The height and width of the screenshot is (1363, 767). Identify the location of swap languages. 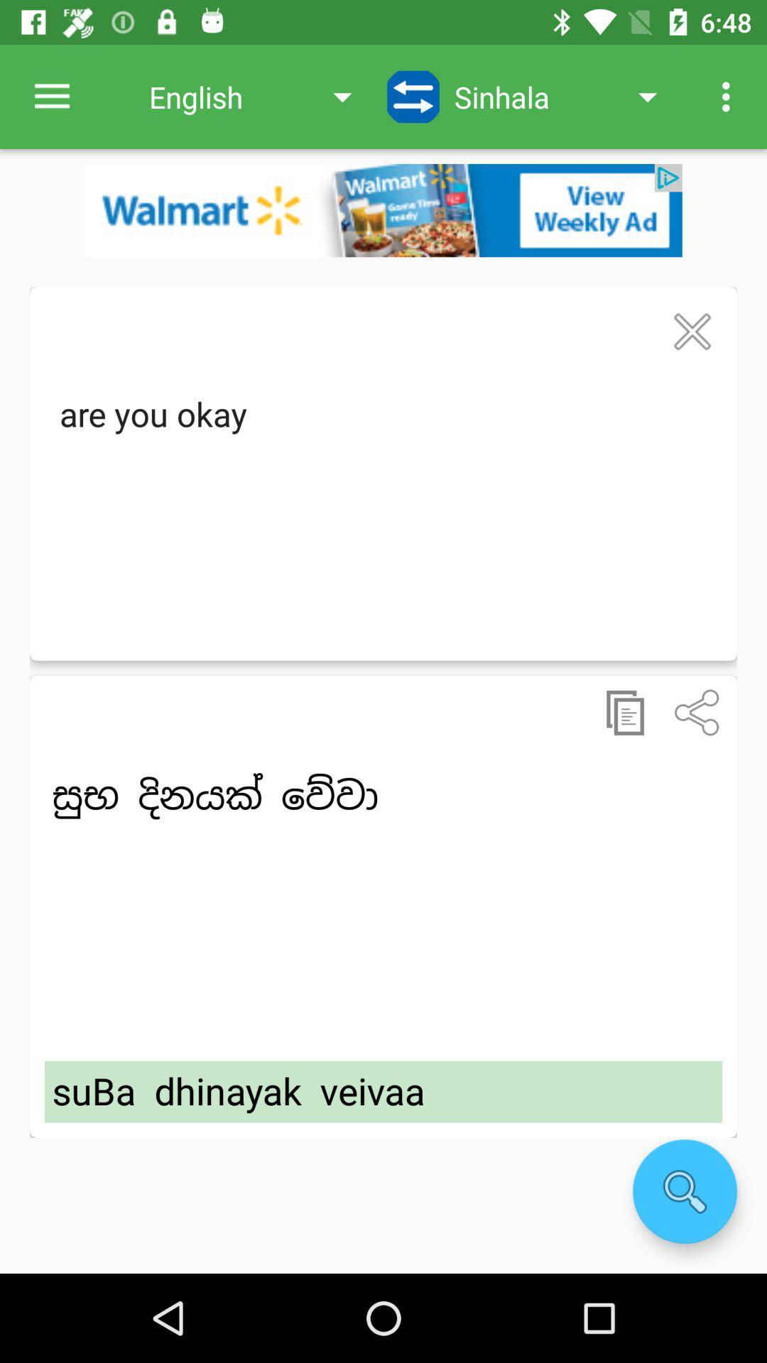
(413, 96).